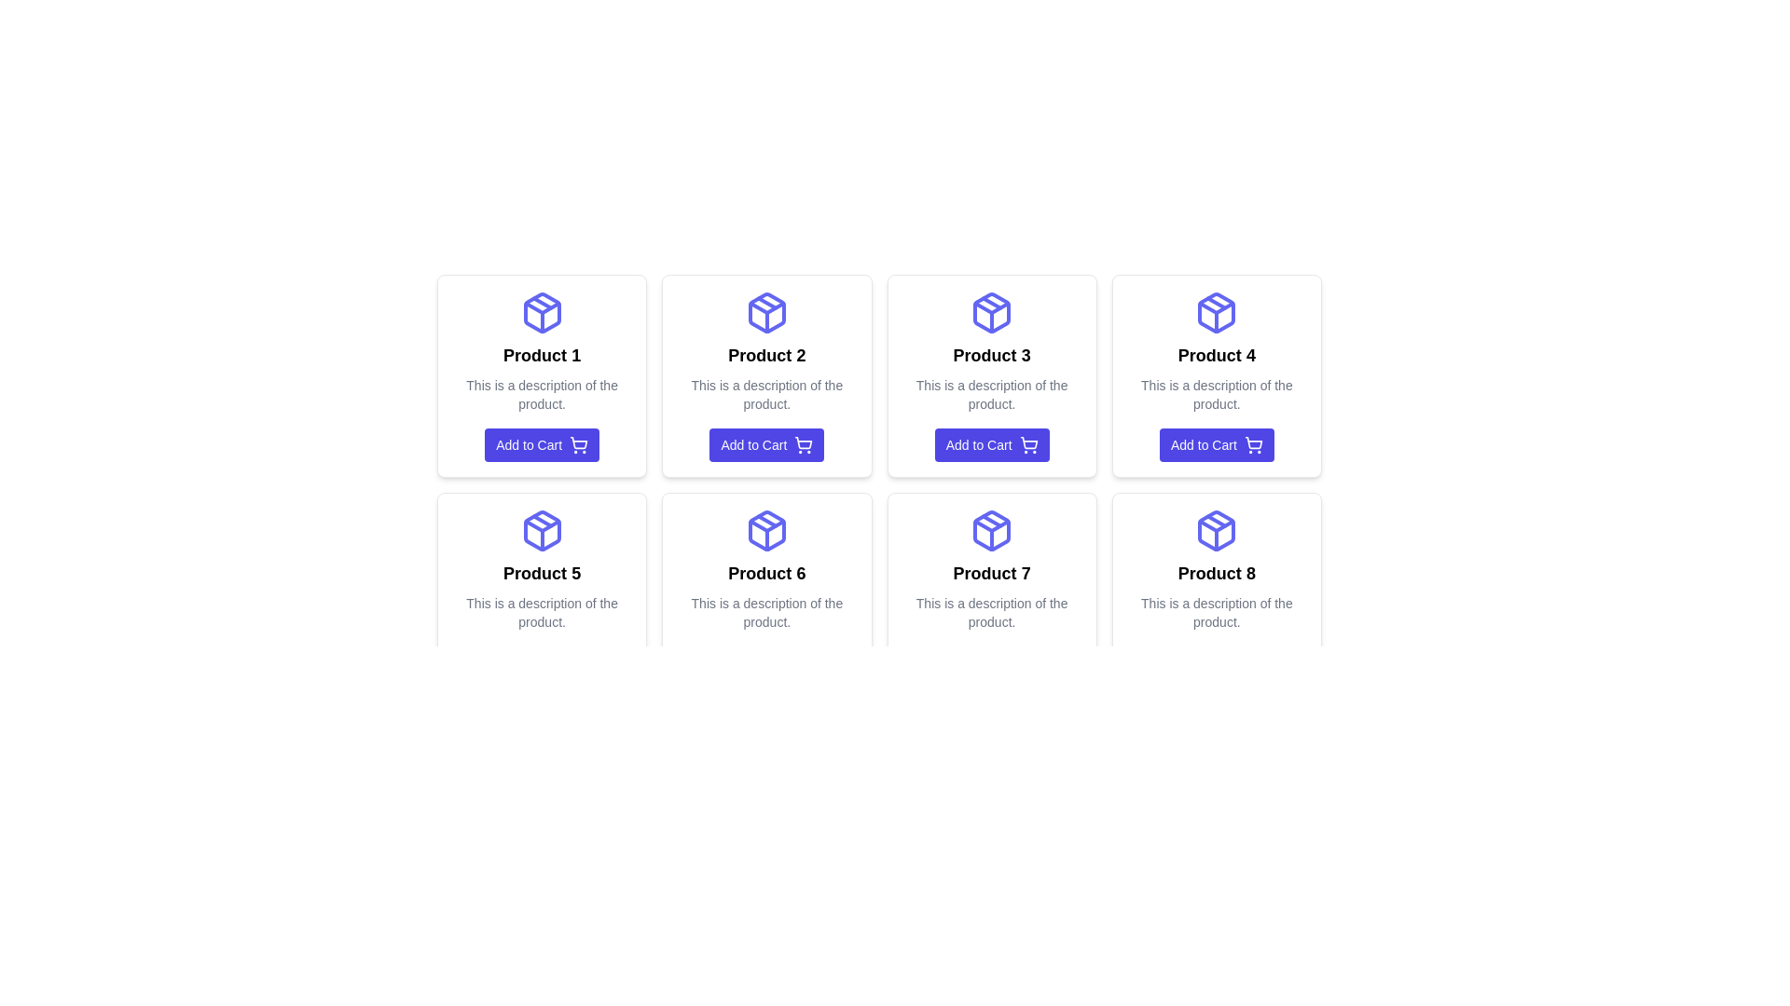 This screenshot has width=1790, height=1006. Describe the element at coordinates (1217, 311) in the screenshot. I see `the Decorative Icon, which is a geometric shape resembling a package box with a purple stroke, located at the top center of 'Product 4' card, above the product name` at that location.